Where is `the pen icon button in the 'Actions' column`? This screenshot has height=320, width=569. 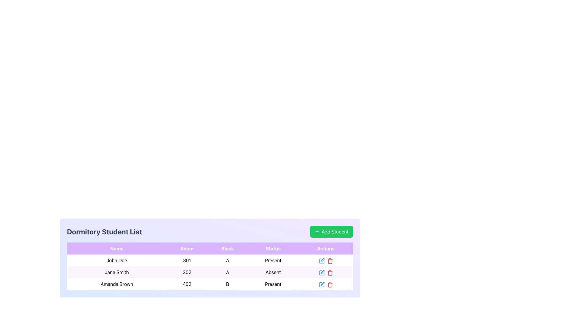
the pen icon button in the 'Actions' column is located at coordinates (321, 260).